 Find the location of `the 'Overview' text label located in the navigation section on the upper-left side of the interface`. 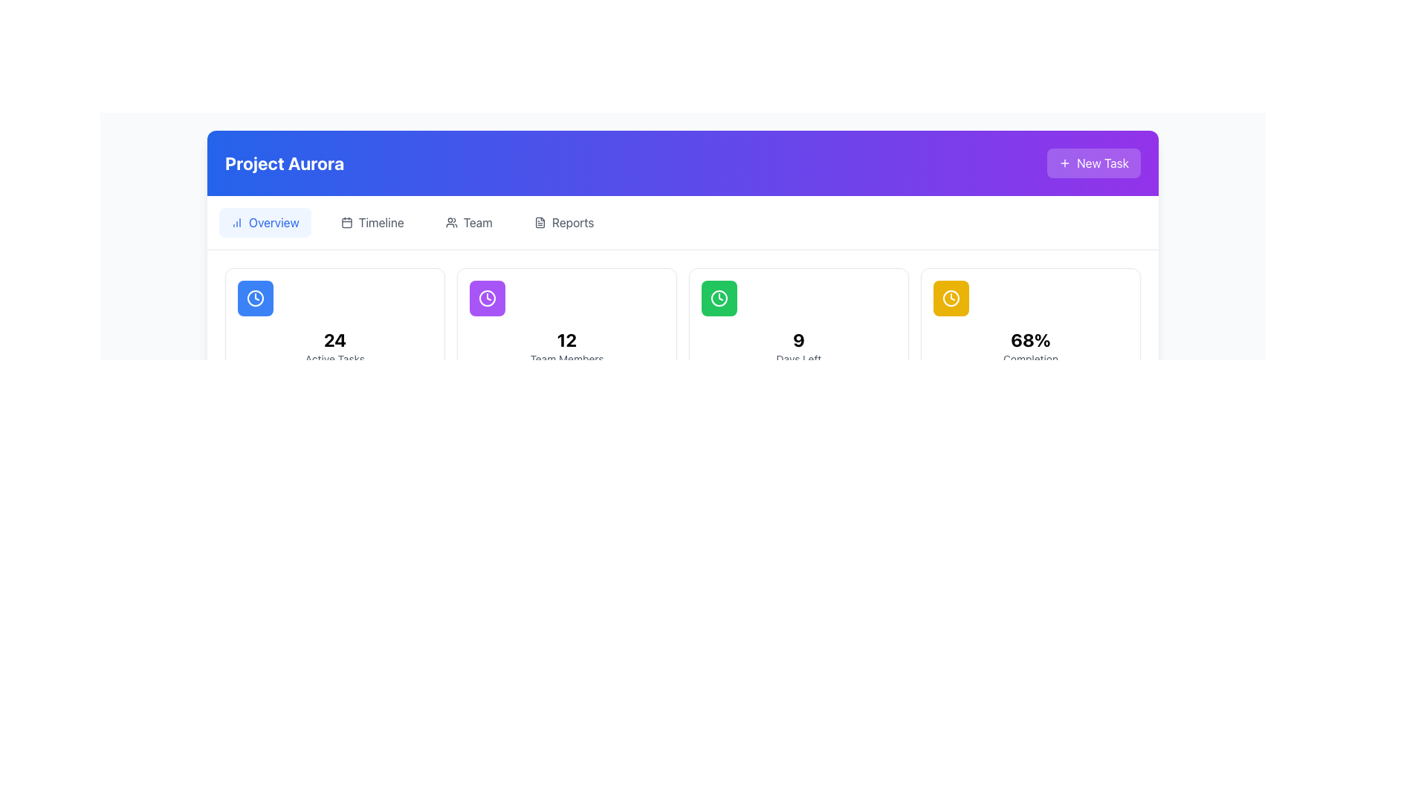

the 'Overview' text label located in the navigation section on the upper-left side of the interface is located at coordinates (274, 223).